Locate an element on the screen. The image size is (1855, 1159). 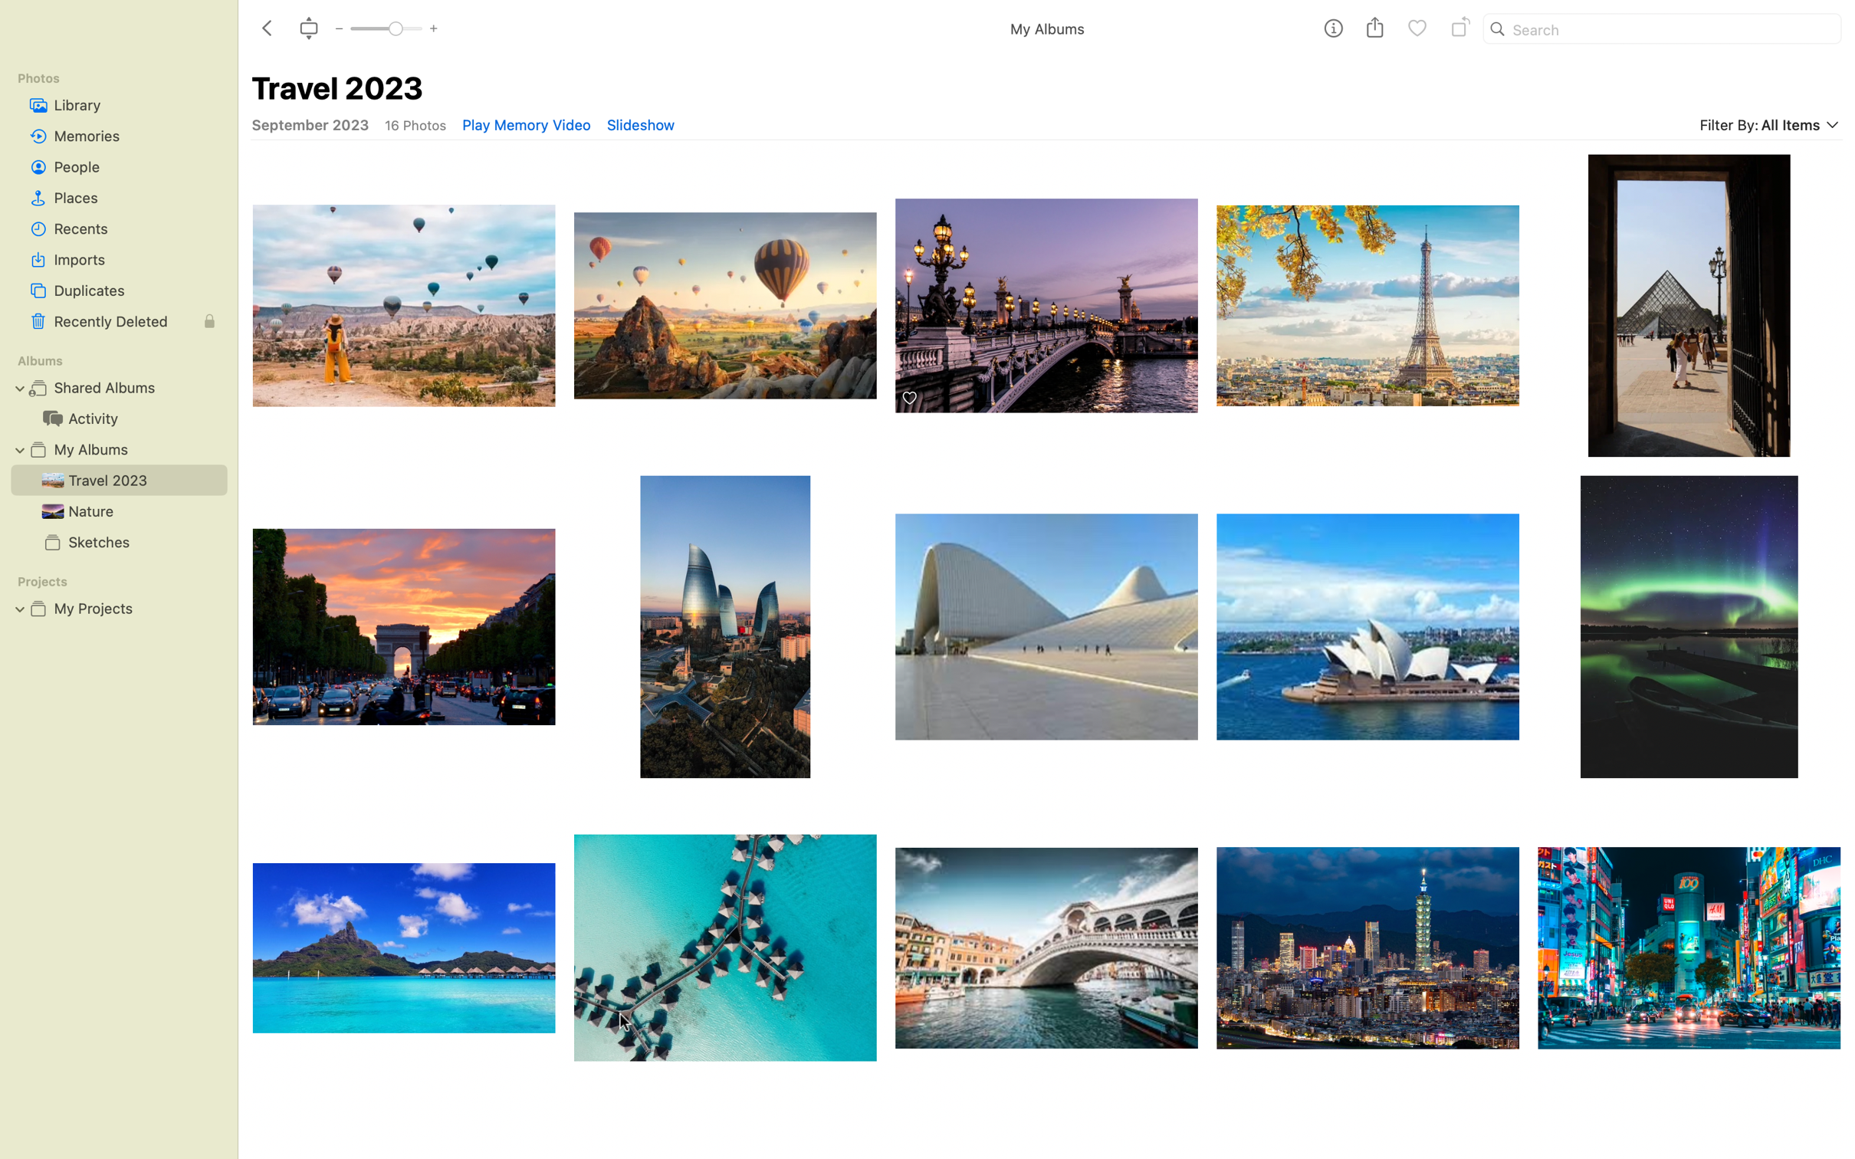
the second image depicting hot air balloons is located at coordinates (725, 297).